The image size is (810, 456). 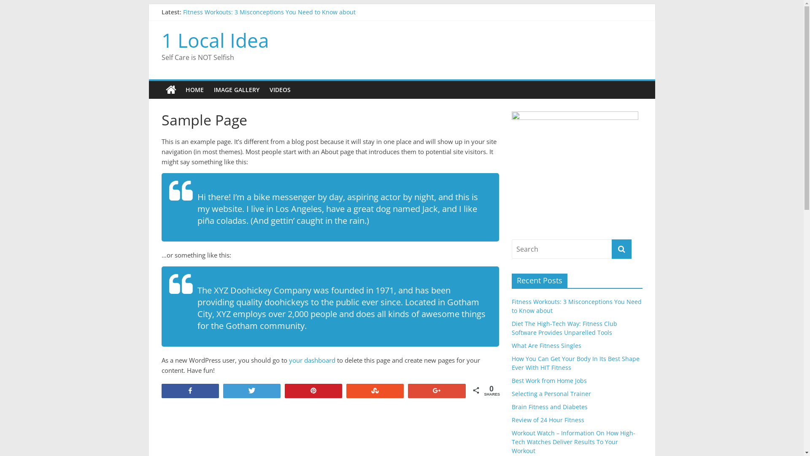 I want to click on 'Brain Fitness and Diabetes', so click(x=549, y=406).